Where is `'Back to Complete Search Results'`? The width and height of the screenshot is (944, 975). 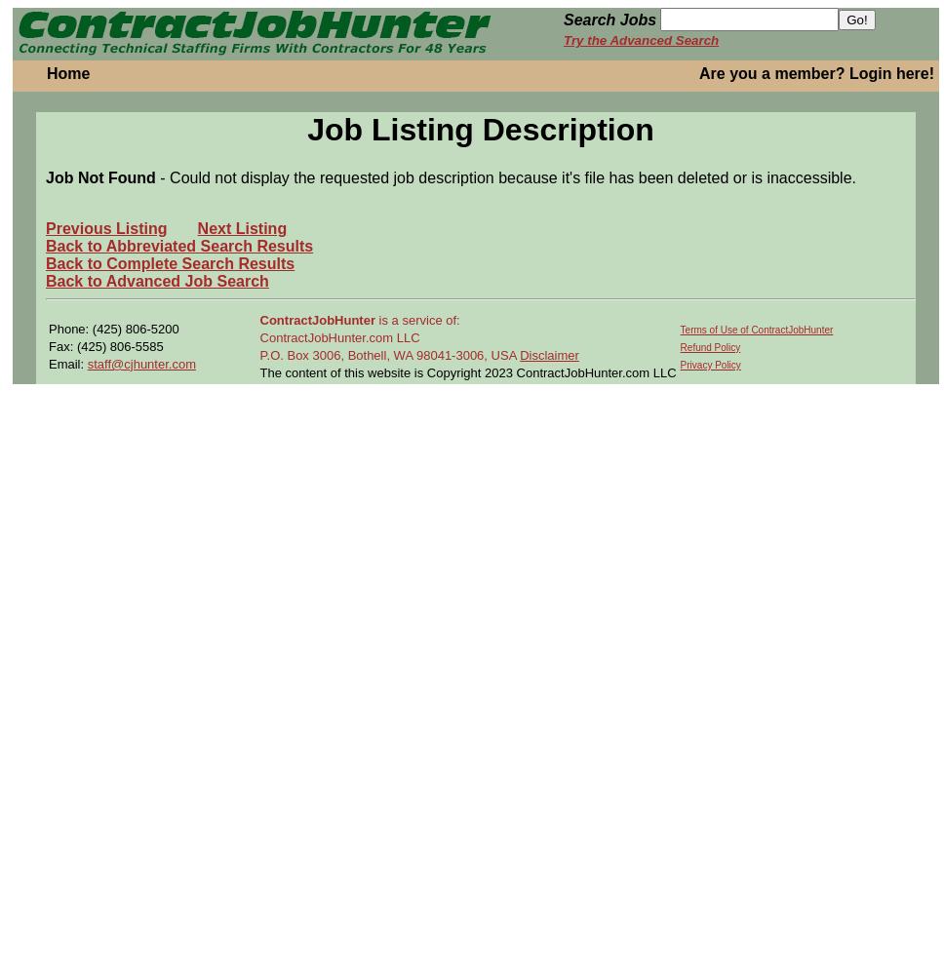 'Back to Complete Search Results' is located at coordinates (170, 262).